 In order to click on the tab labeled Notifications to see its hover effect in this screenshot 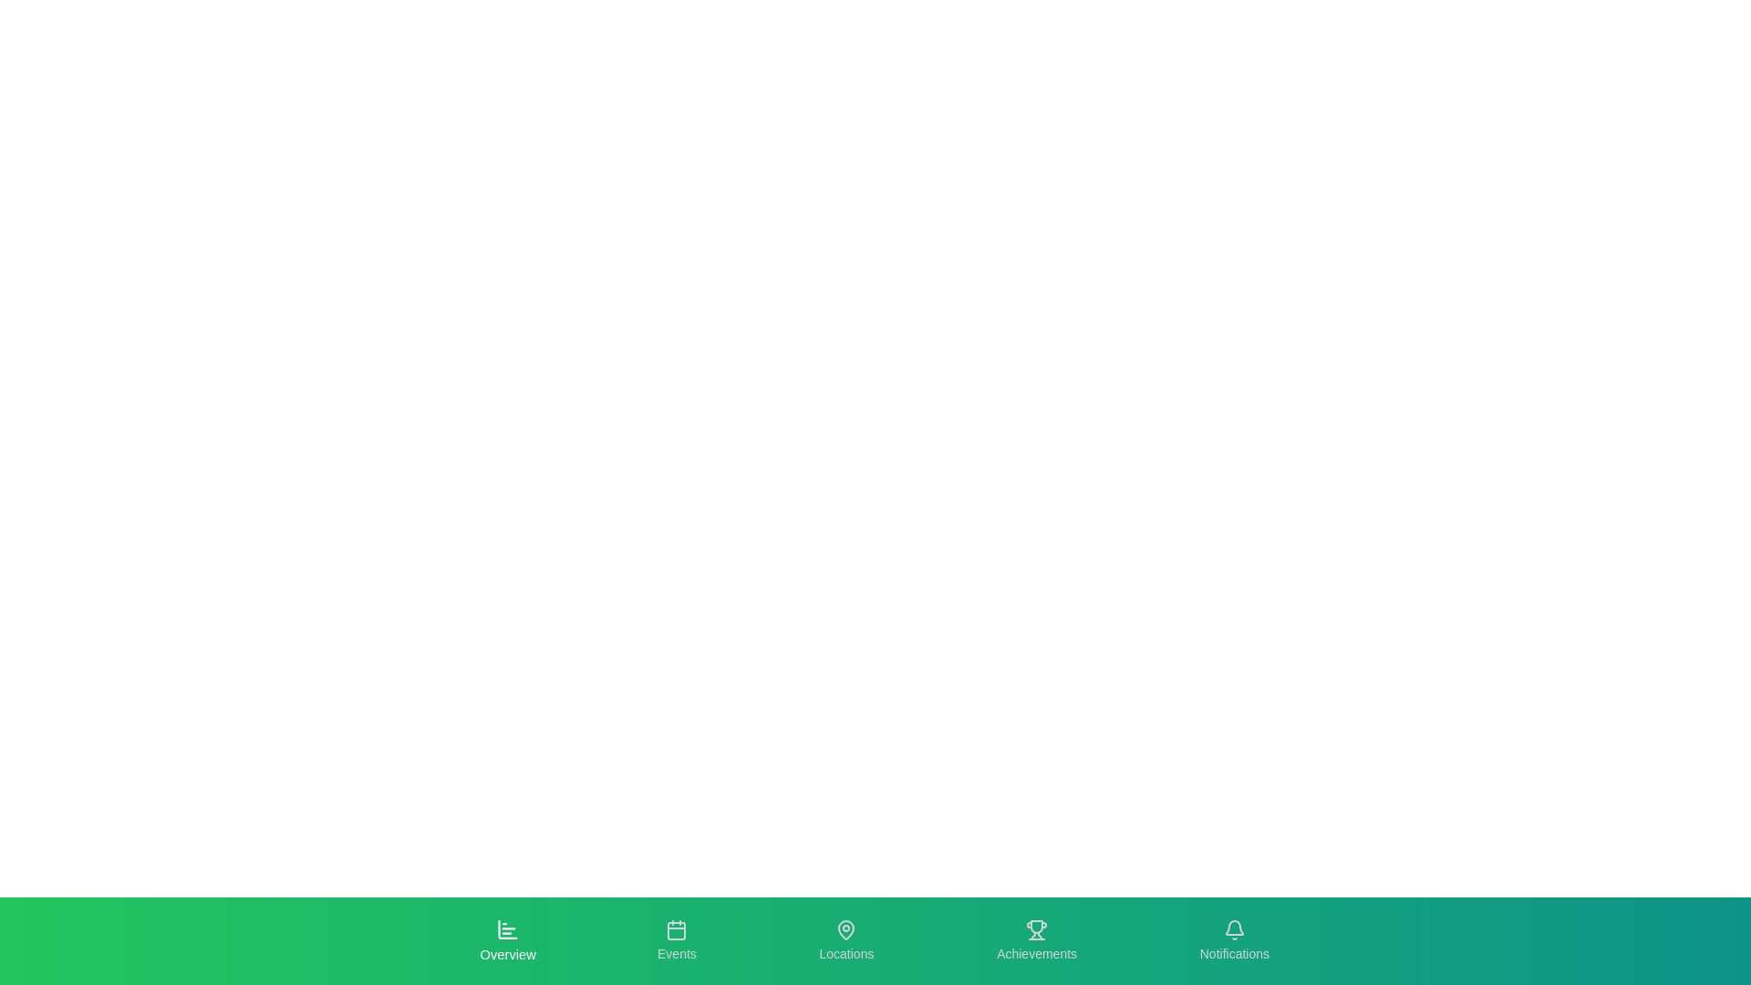, I will do `click(1234, 941)`.